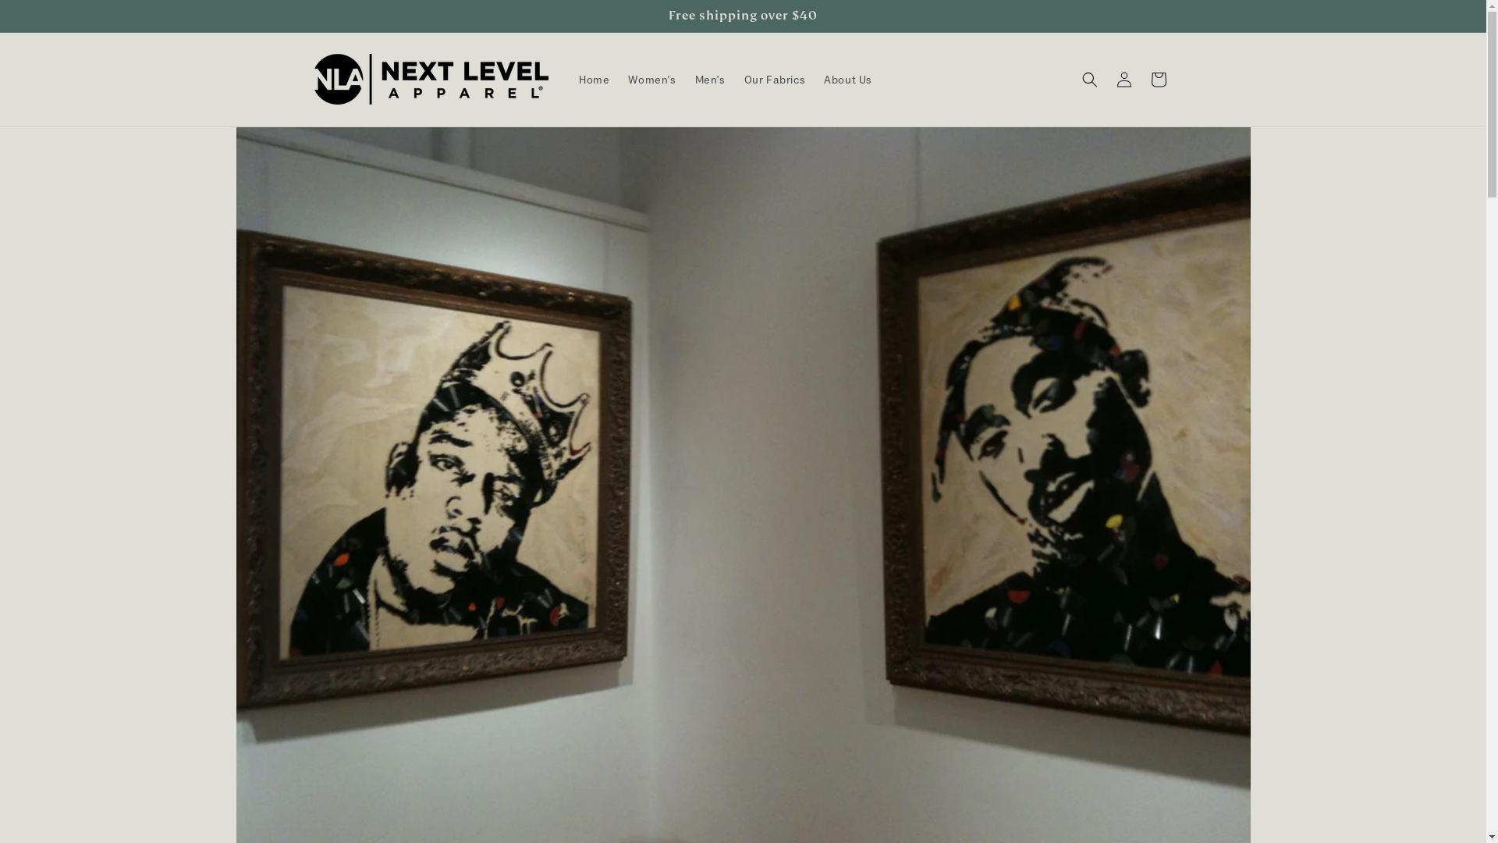 This screenshot has height=843, width=1498. What do you see at coordinates (813, 79) in the screenshot?
I see `'About Us'` at bounding box center [813, 79].